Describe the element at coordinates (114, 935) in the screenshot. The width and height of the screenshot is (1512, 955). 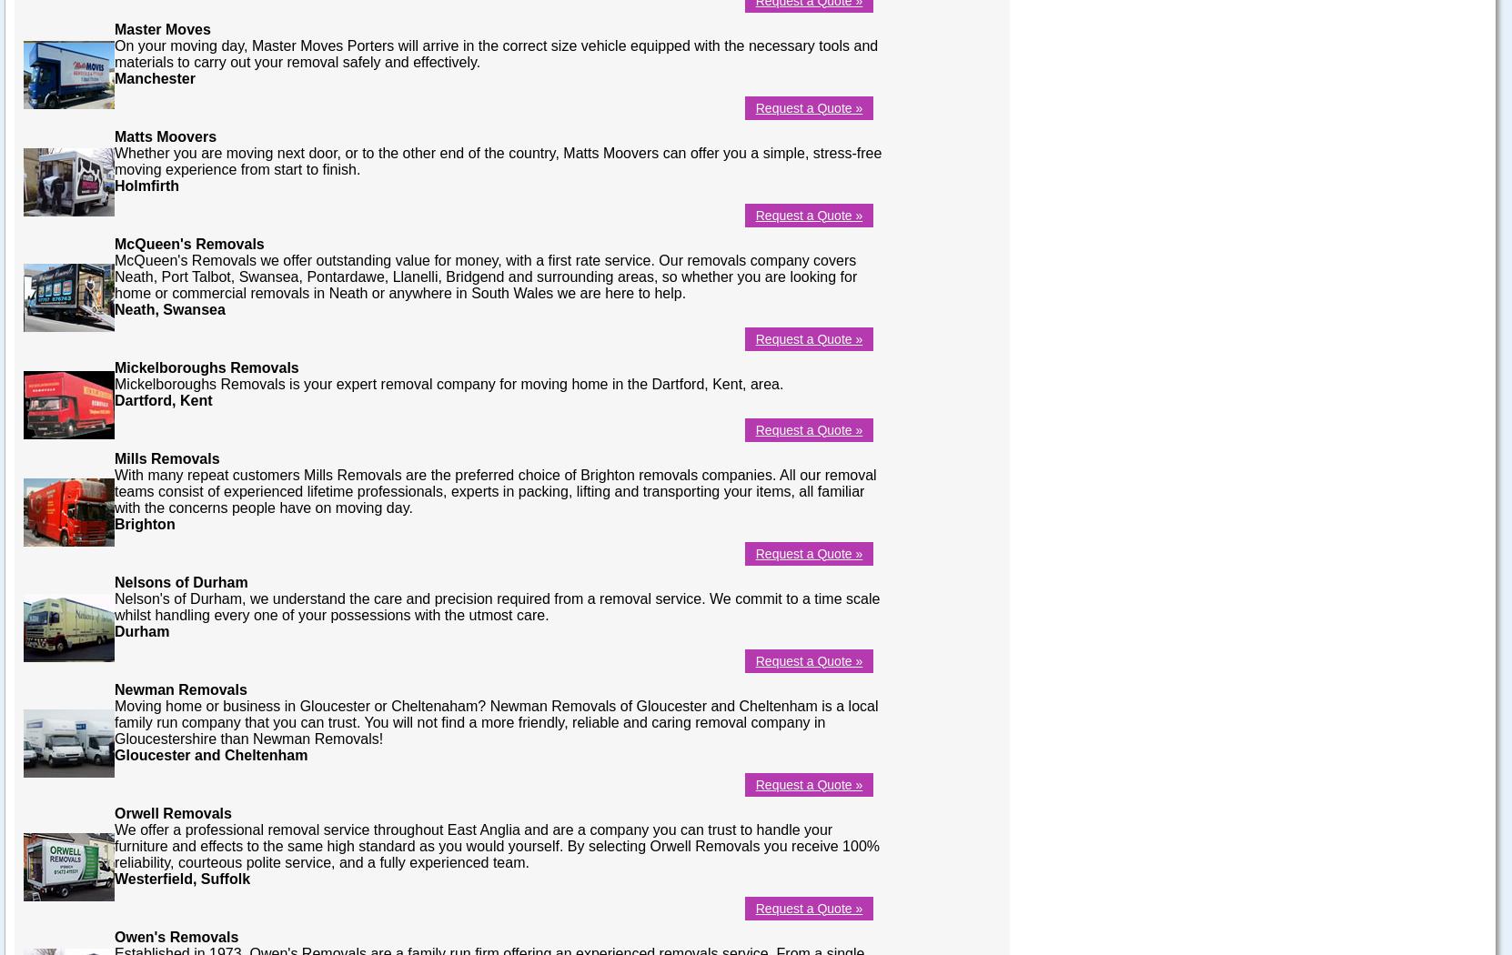
I see `'Owen's Removals'` at that location.